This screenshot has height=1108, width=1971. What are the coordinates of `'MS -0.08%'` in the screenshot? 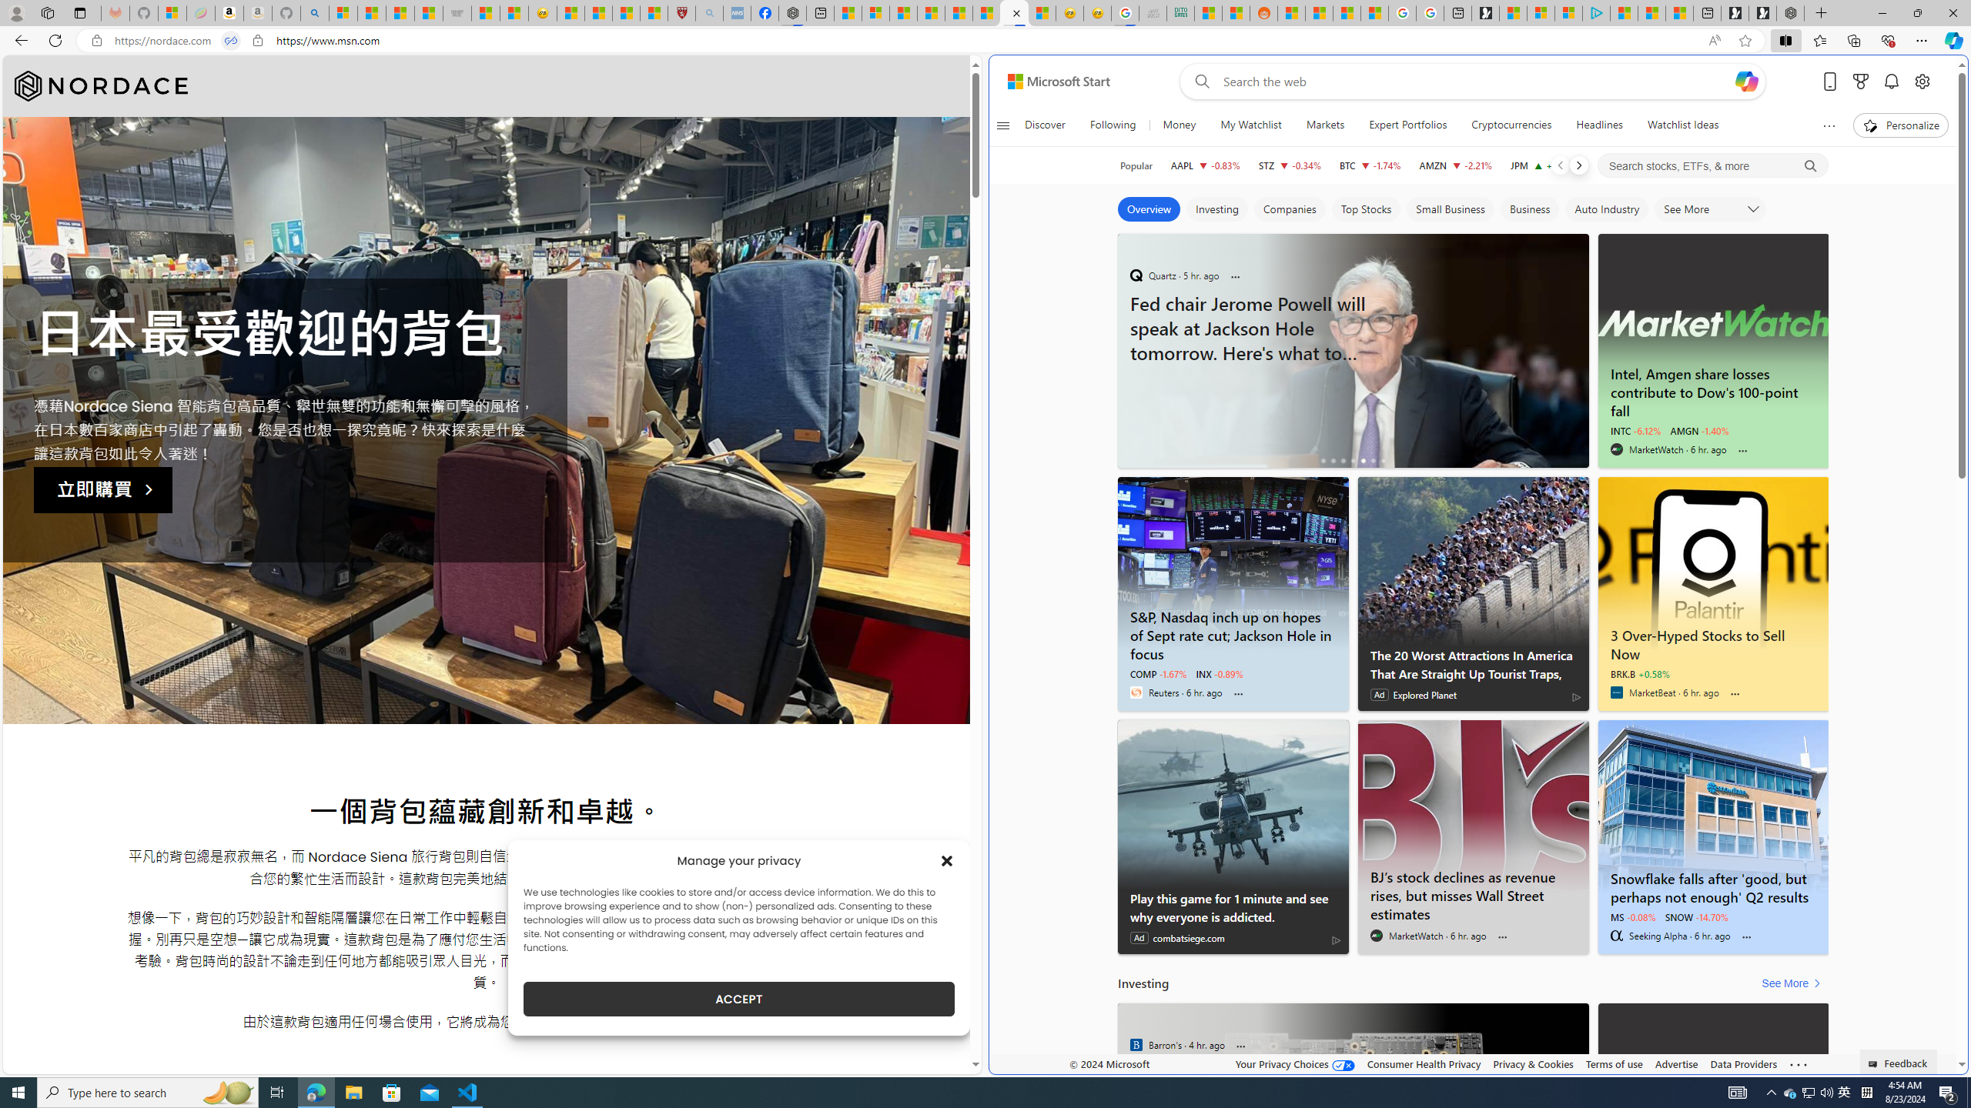 It's located at (1631, 916).